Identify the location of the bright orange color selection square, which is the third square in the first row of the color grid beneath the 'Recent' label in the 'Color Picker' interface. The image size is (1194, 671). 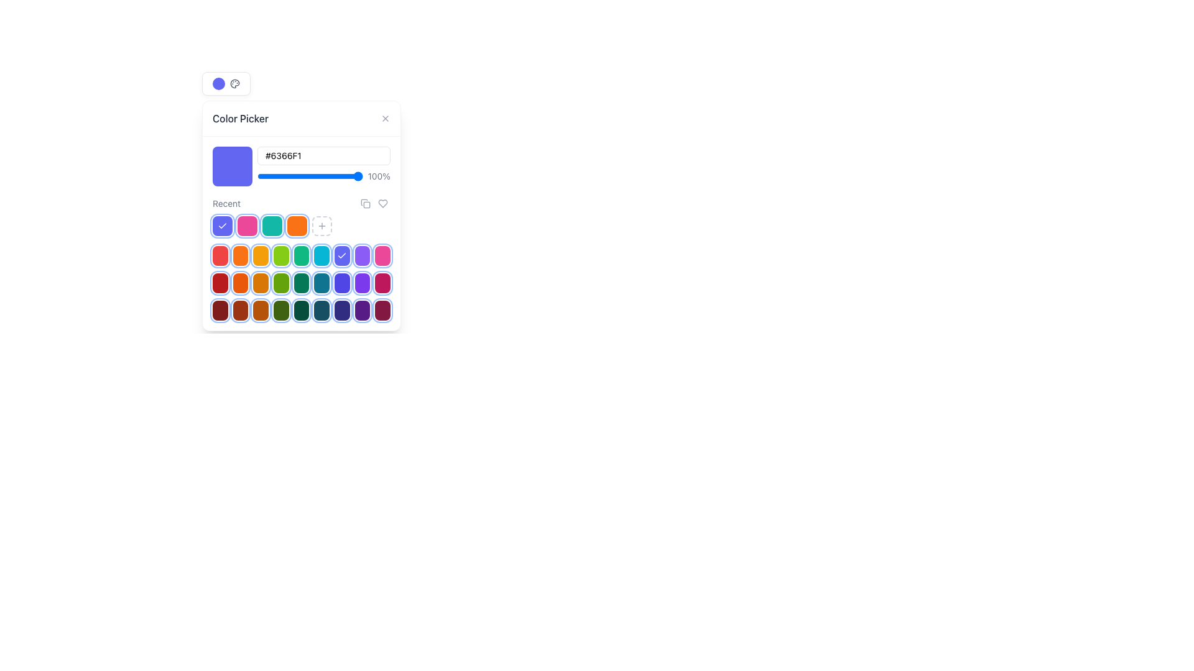
(301, 215).